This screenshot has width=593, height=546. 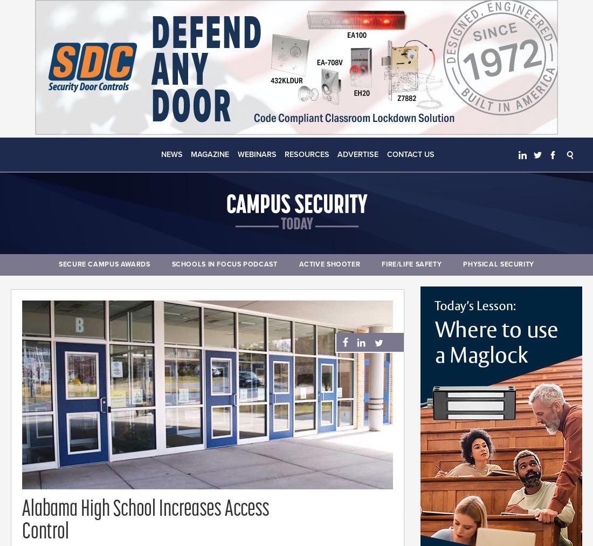 What do you see at coordinates (104, 264) in the screenshot?
I see `'Secure Campus Awards'` at bounding box center [104, 264].